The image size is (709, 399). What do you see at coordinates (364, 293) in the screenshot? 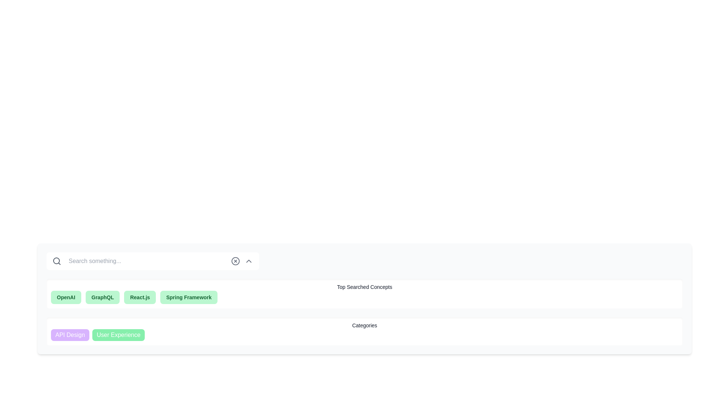
I see `the section titled 'Top Searched Concepts' which contains clickable tags like 'OpenAI', 'GraphQL', 'React.js', and 'Spring Framework'` at bounding box center [364, 293].